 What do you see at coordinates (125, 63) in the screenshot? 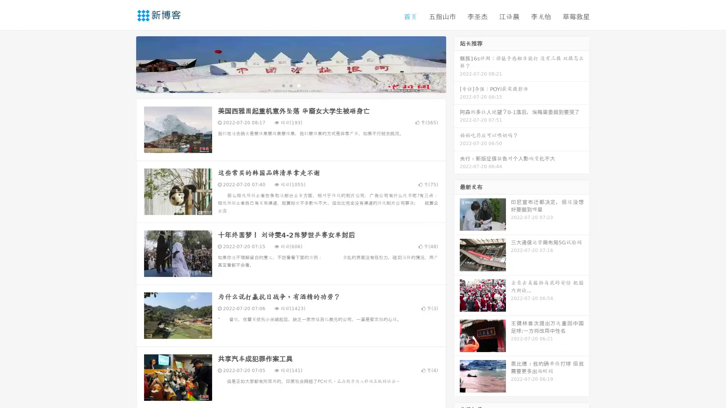
I see `Previous slide` at bounding box center [125, 63].